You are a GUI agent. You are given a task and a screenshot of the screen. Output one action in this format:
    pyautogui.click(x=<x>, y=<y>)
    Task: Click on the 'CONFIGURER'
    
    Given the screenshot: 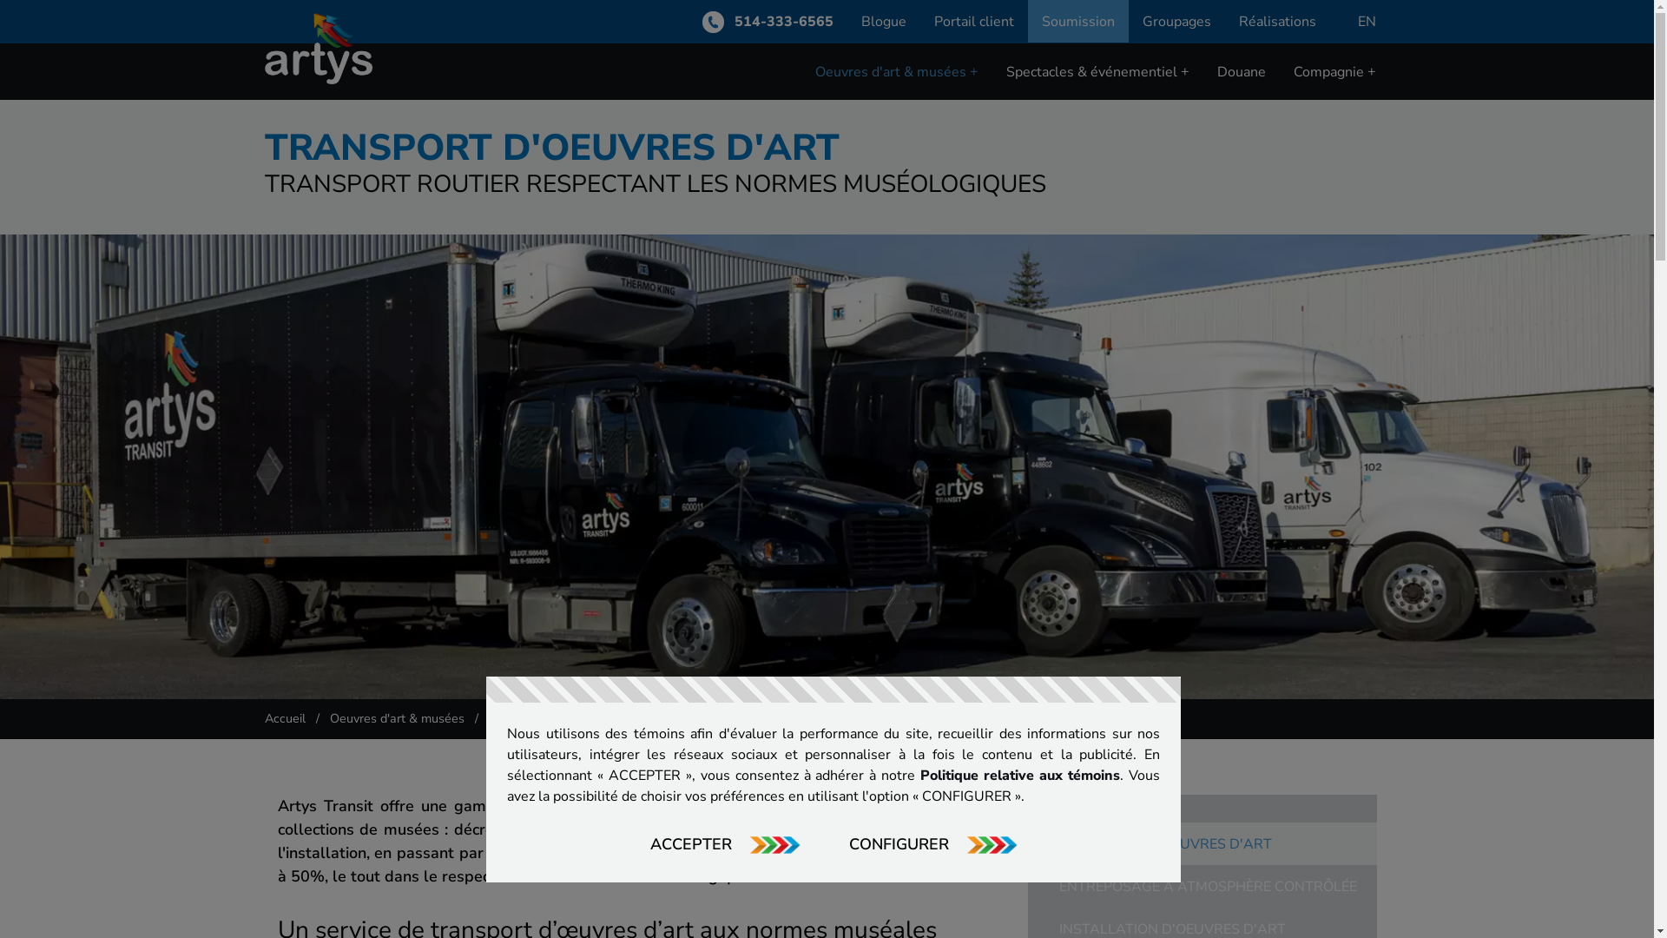 What is the action you would take?
    pyautogui.click(x=932, y=843)
    